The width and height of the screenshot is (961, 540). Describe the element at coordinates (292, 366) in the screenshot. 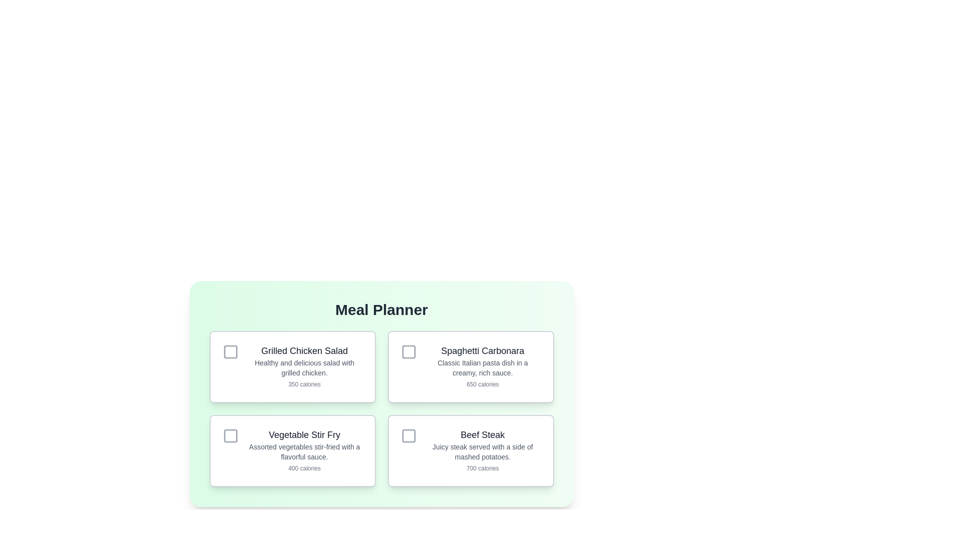

I see `textual information on the card representing 'Grilled Chicken Salad' in the meal planner interface, which includes the title, description, and caloric content` at that location.